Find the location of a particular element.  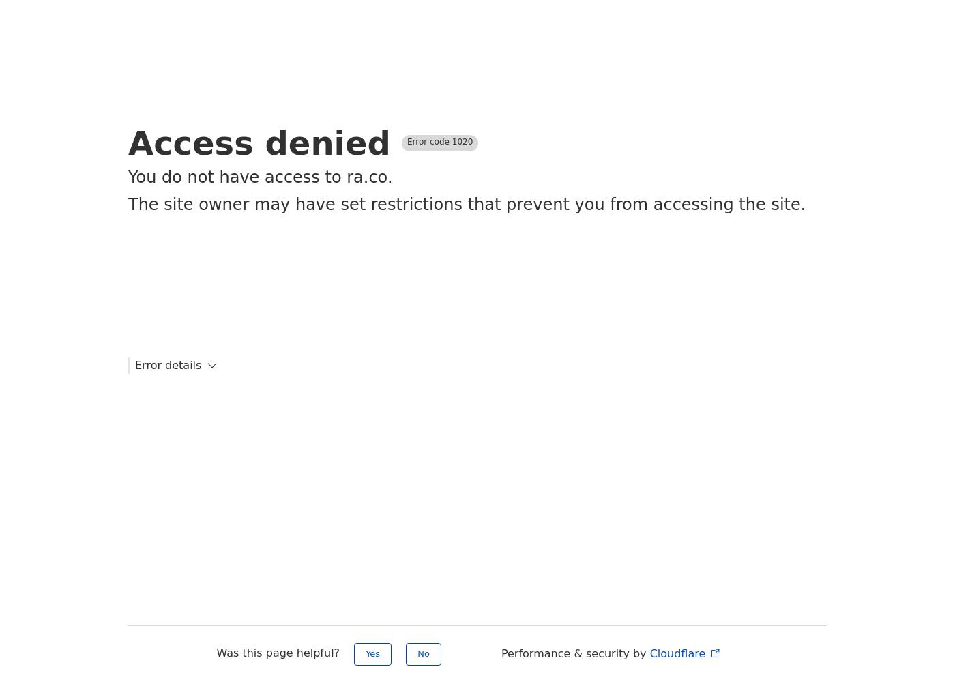

'Error details' is located at coordinates (168, 365).